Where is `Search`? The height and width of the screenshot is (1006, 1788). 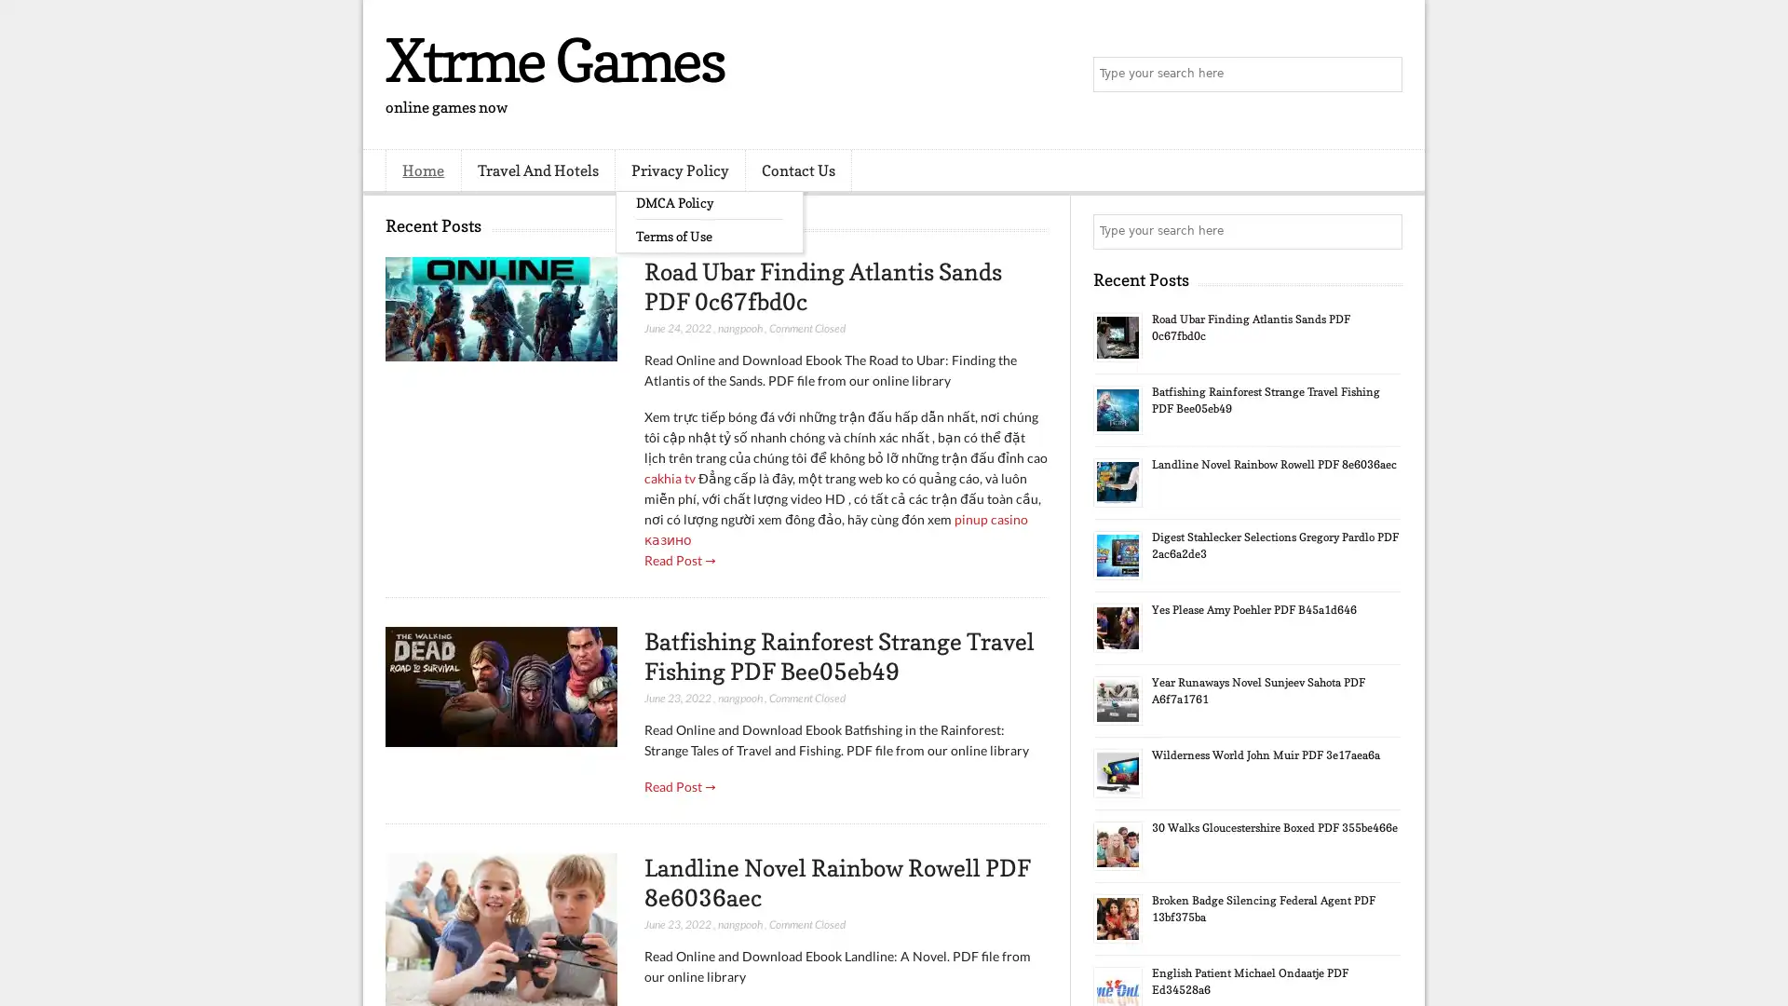
Search is located at coordinates (1383, 75).